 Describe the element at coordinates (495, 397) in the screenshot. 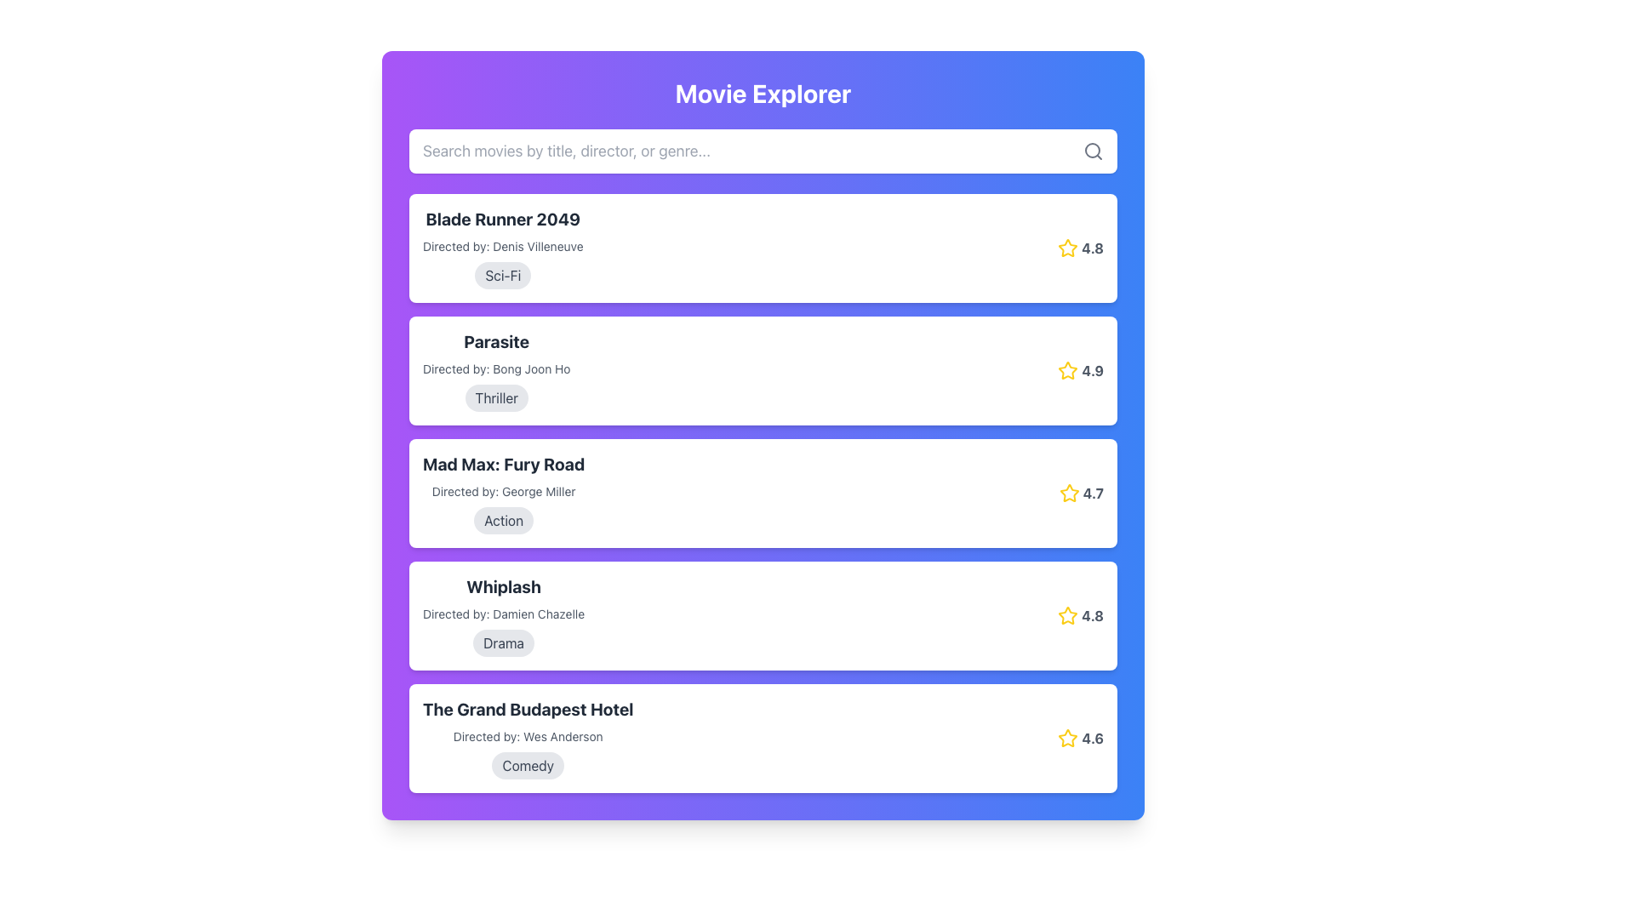

I see `the 'Thriller' text label, which is a non-interactive pill-shaped button with a gray background located beneath the director's name in the 'Parasite' movie card` at that location.